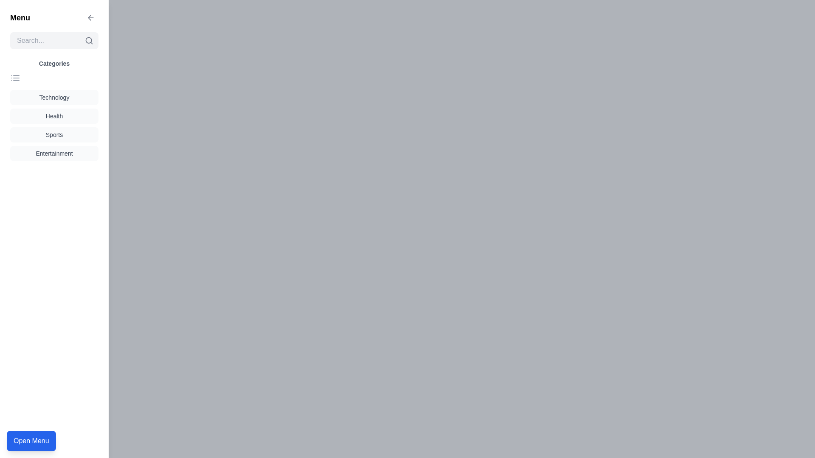 This screenshot has width=815, height=458. Describe the element at coordinates (89, 40) in the screenshot. I see `the decorative graphical circle within the magnifying glass icon located in the search field at the top of the left-hand sidebar` at that location.